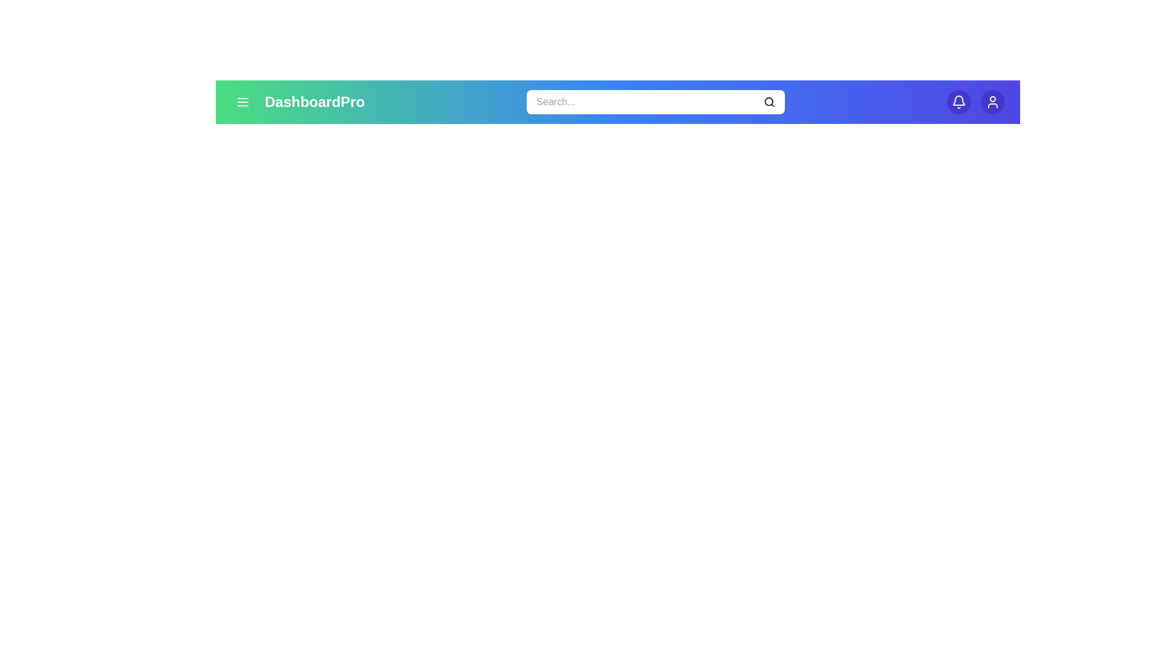 The height and width of the screenshot is (653, 1161). Describe the element at coordinates (992, 102) in the screenshot. I see `the user profile icon to access user-related actions` at that location.